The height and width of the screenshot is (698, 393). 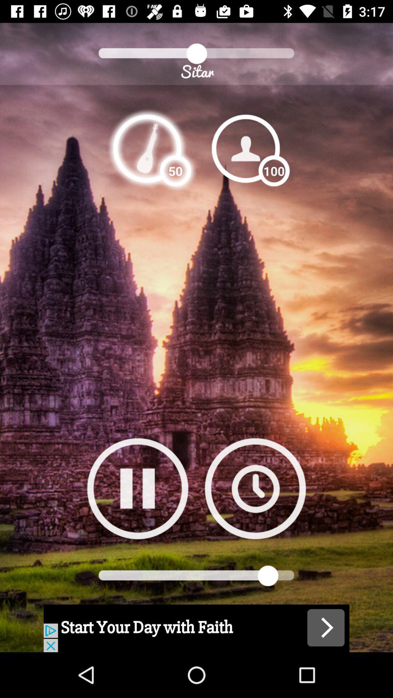 What do you see at coordinates (196, 628) in the screenshot?
I see `advertisement` at bounding box center [196, 628].